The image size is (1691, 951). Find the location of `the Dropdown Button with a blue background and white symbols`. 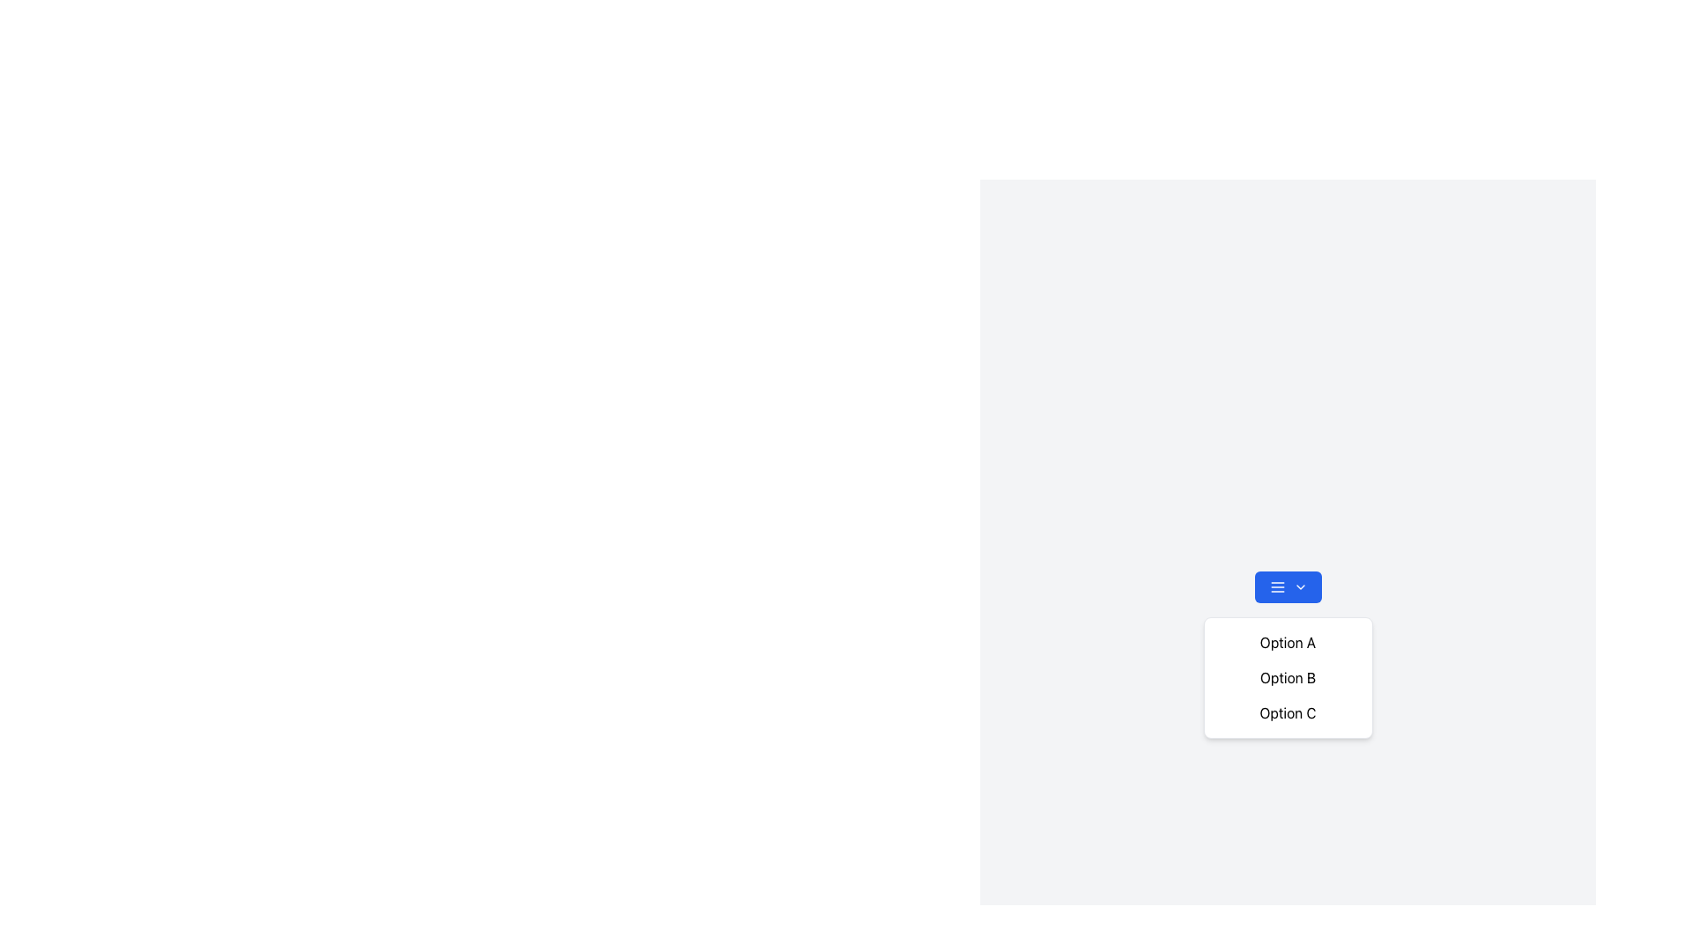

the Dropdown Button with a blue background and white symbols is located at coordinates (1288, 587).